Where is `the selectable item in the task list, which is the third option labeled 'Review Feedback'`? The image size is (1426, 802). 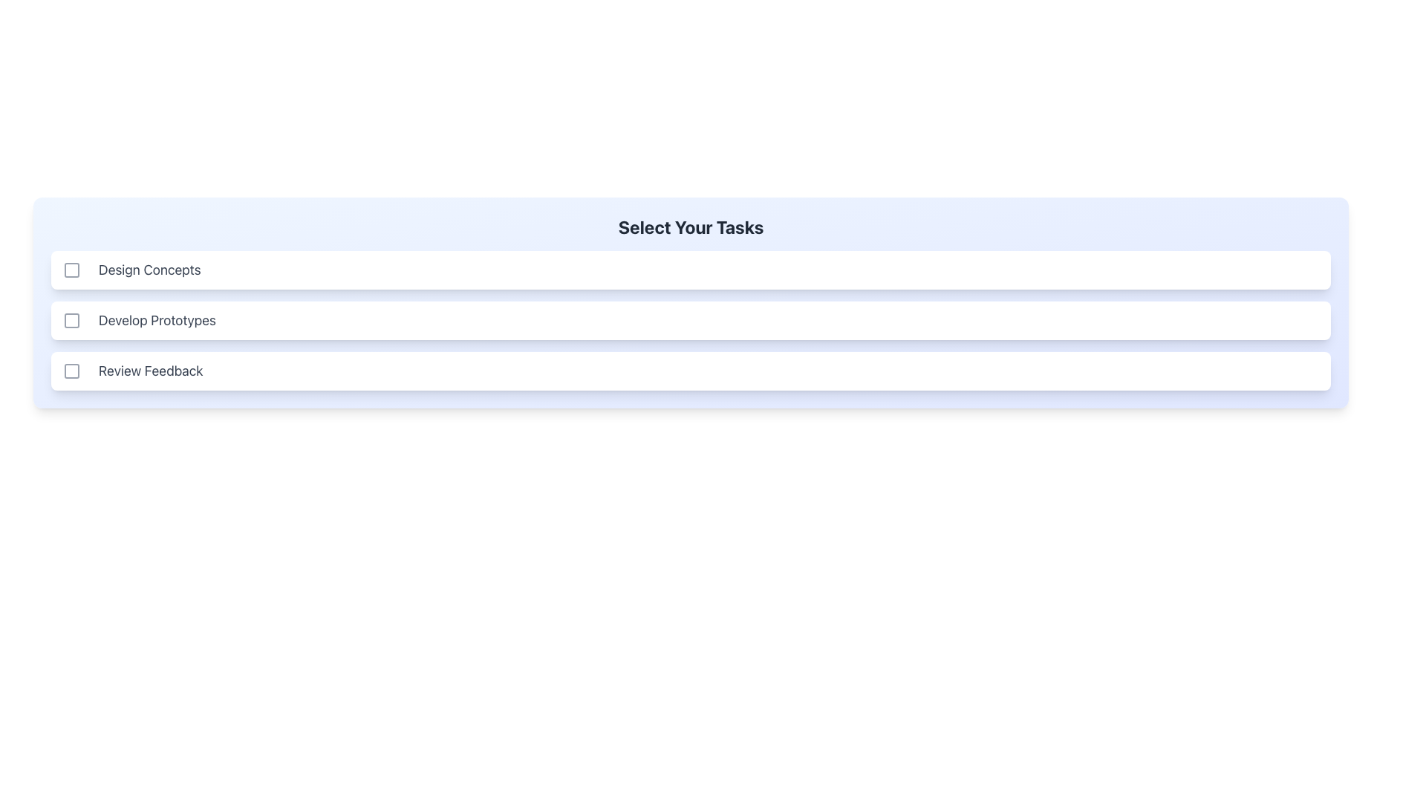
the selectable item in the task list, which is the third option labeled 'Review Feedback' is located at coordinates (690, 371).